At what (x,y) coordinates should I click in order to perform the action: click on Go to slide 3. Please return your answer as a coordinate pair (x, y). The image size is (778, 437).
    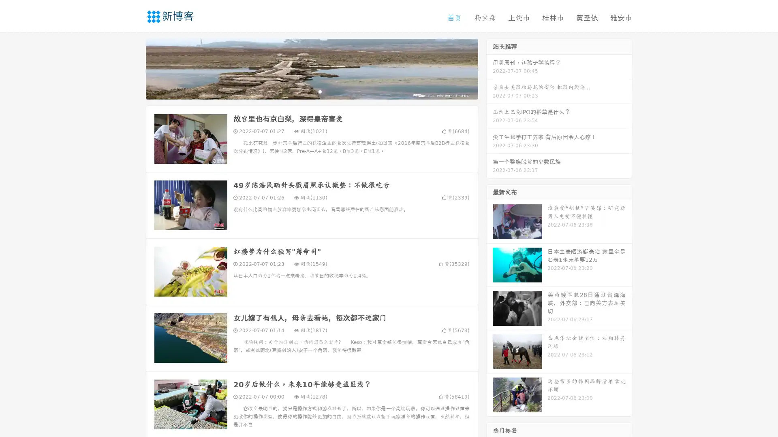
    Looking at the image, I should click on (320, 91).